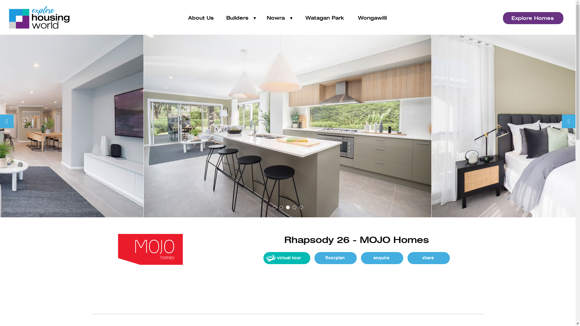 The width and height of the screenshot is (580, 326). Describe the element at coordinates (335, 258) in the screenshot. I see `'floorplan'` at that location.